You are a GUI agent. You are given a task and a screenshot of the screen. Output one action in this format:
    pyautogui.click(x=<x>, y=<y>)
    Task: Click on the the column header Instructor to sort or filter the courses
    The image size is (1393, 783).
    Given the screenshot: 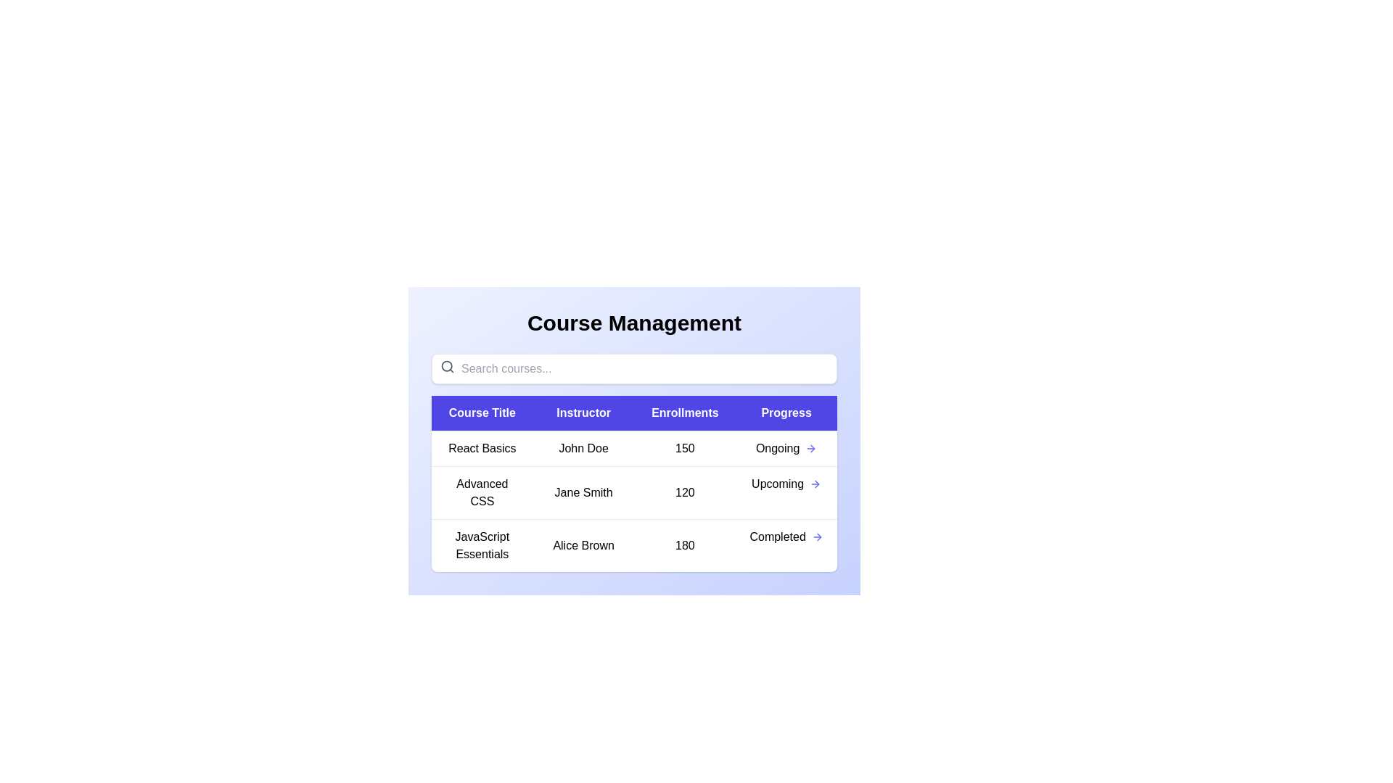 What is the action you would take?
    pyautogui.click(x=583, y=413)
    